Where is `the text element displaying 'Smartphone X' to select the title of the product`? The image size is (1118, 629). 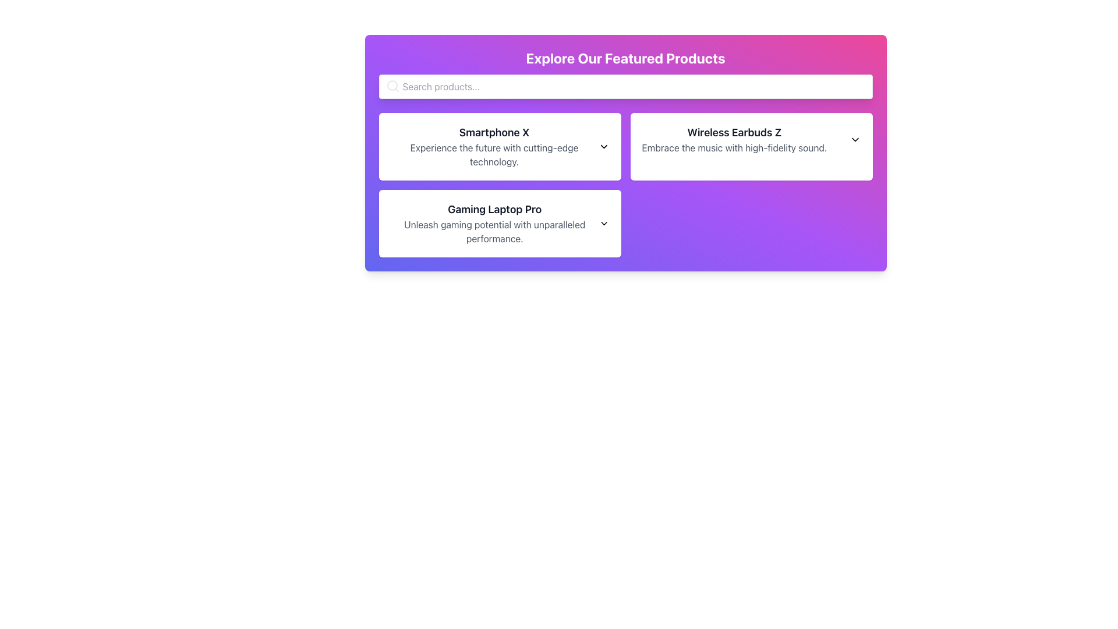
the text element displaying 'Smartphone X' to select the title of the product is located at coordinates (494, 132).